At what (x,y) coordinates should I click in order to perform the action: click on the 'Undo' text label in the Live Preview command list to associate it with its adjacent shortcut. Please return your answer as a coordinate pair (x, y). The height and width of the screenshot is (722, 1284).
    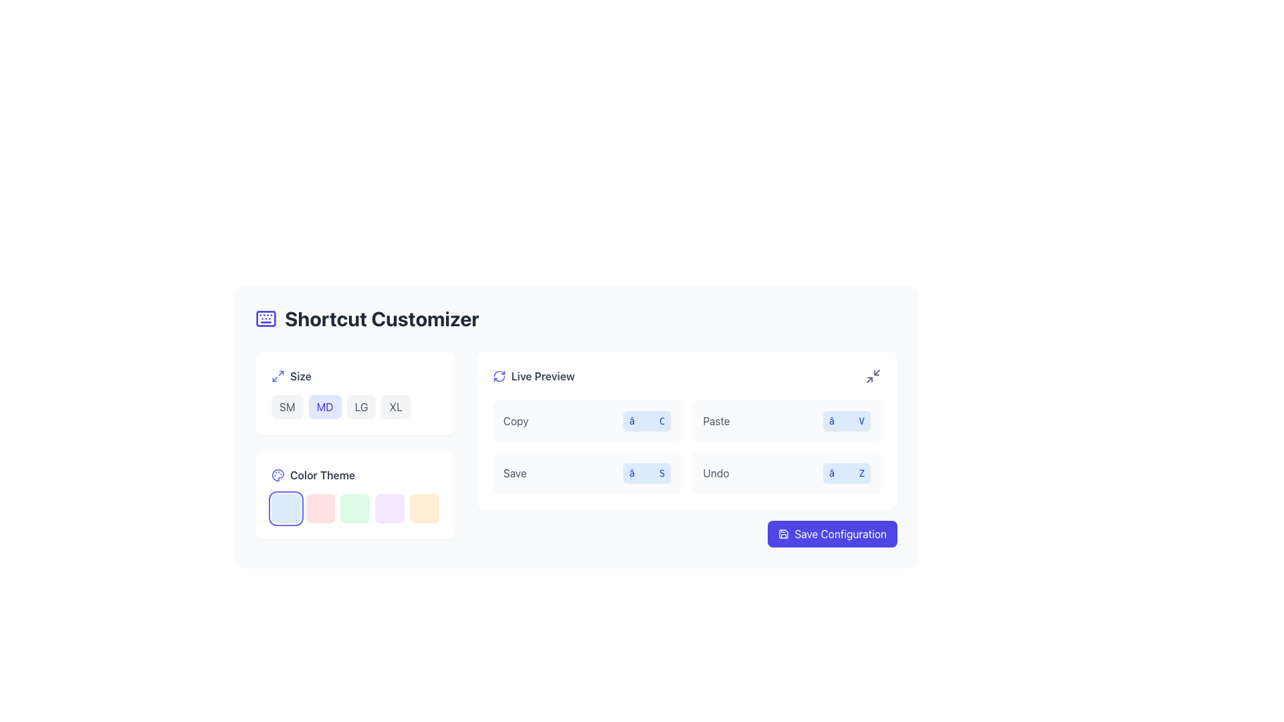
    Looking at the image, I should click on (715, 473).